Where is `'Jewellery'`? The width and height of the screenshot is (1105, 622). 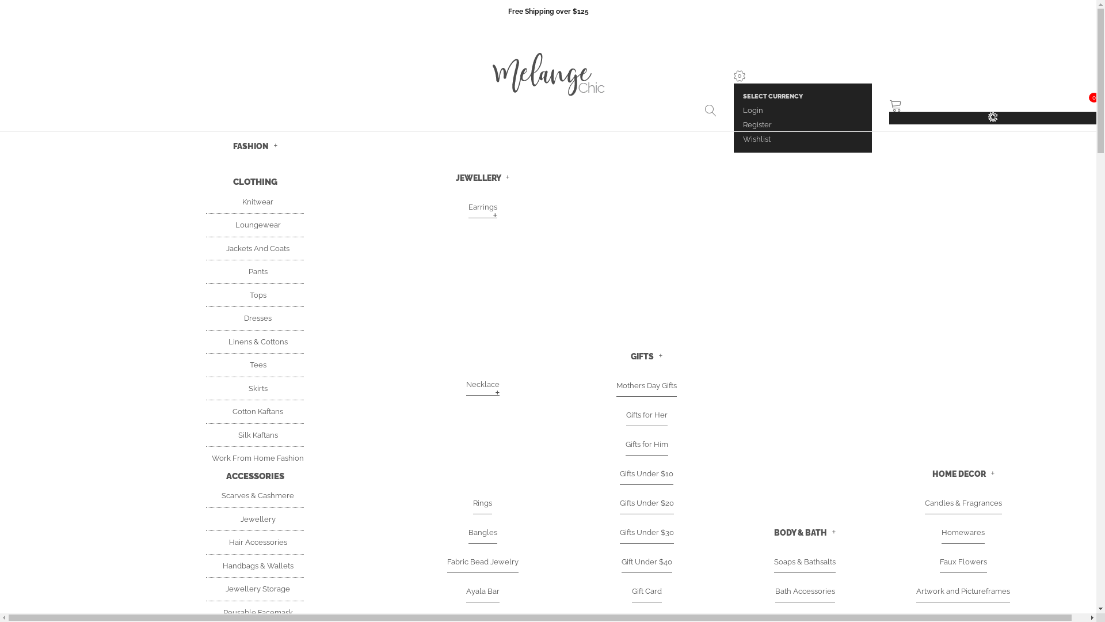 'Jewellery' is located at coordinates (234, 519).